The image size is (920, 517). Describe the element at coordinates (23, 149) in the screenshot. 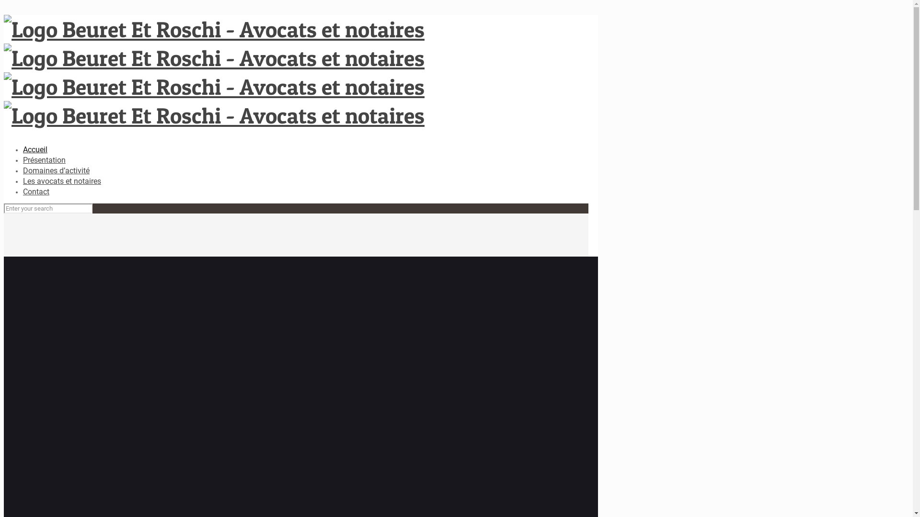

I see `'Accueil'` at that location.